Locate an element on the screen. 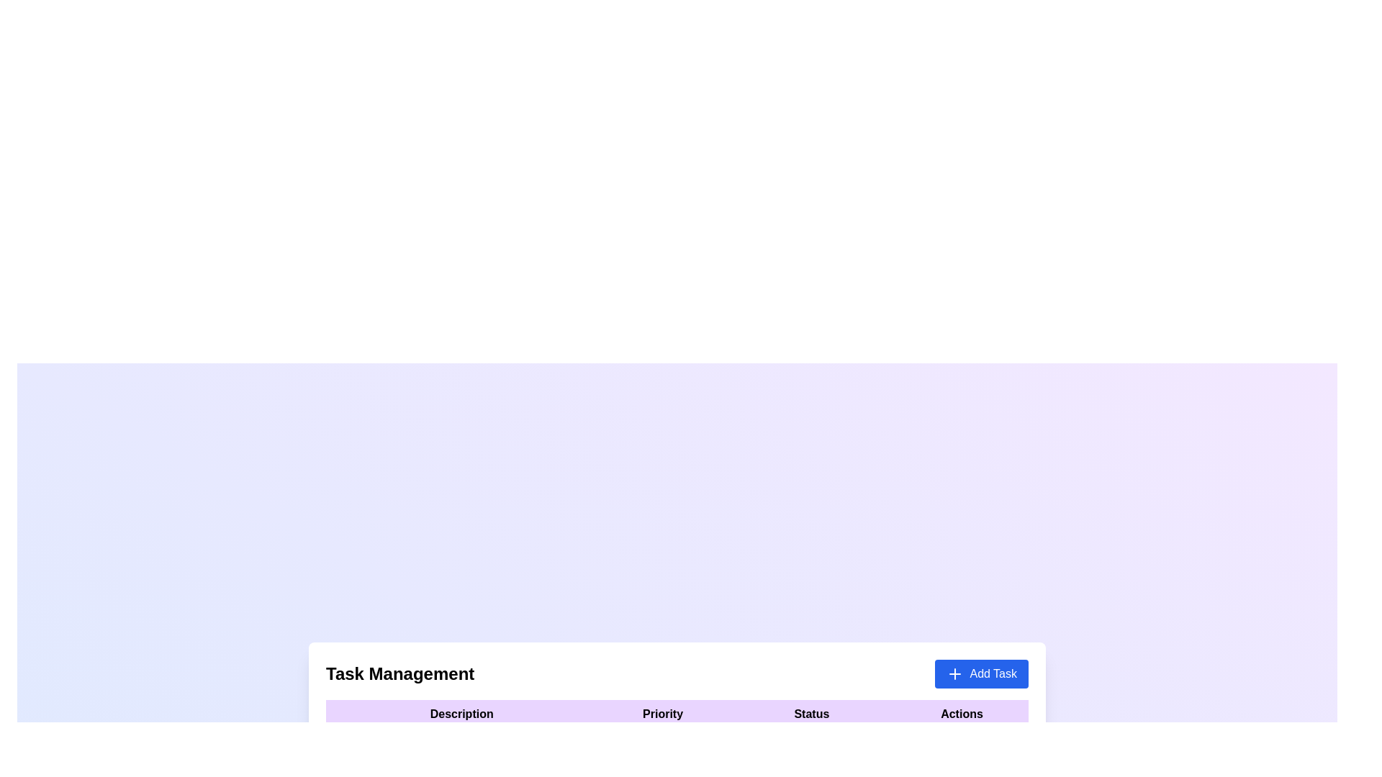  the button located at the far right of the 'Task Management' horizontal bar is located at coordinates (981, 674).